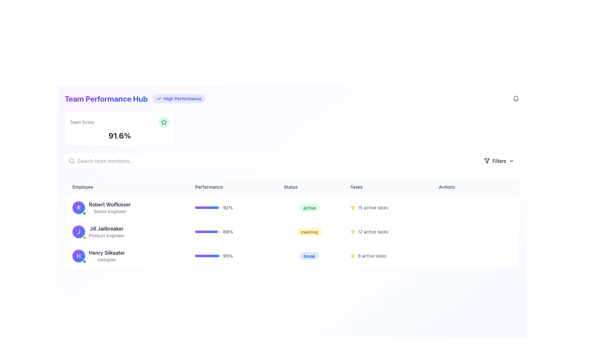  I want to click on the 'Designer' label, which is displayed in a small, gray font and is positioned below the name 'Henry Silkeater' in the user detail entry list, so click(107, 259).